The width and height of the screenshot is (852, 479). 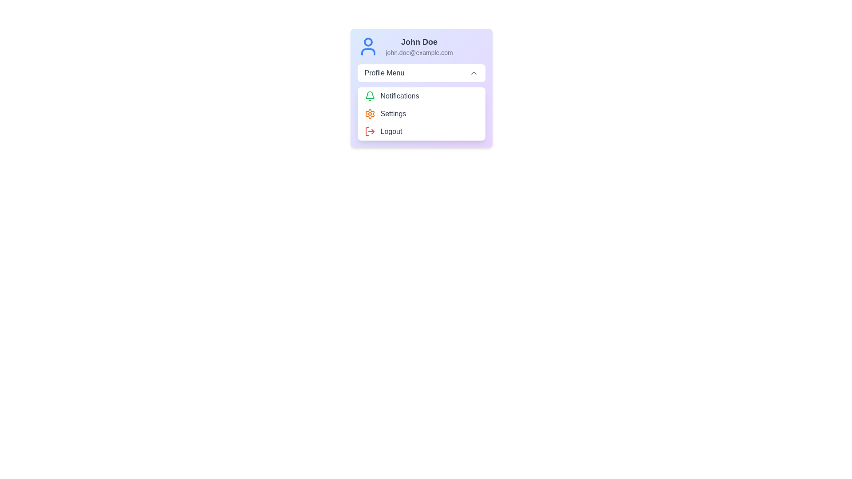 I want to click on the 'Logout' text label in the dropdown menu, so click(x=391, y=132).